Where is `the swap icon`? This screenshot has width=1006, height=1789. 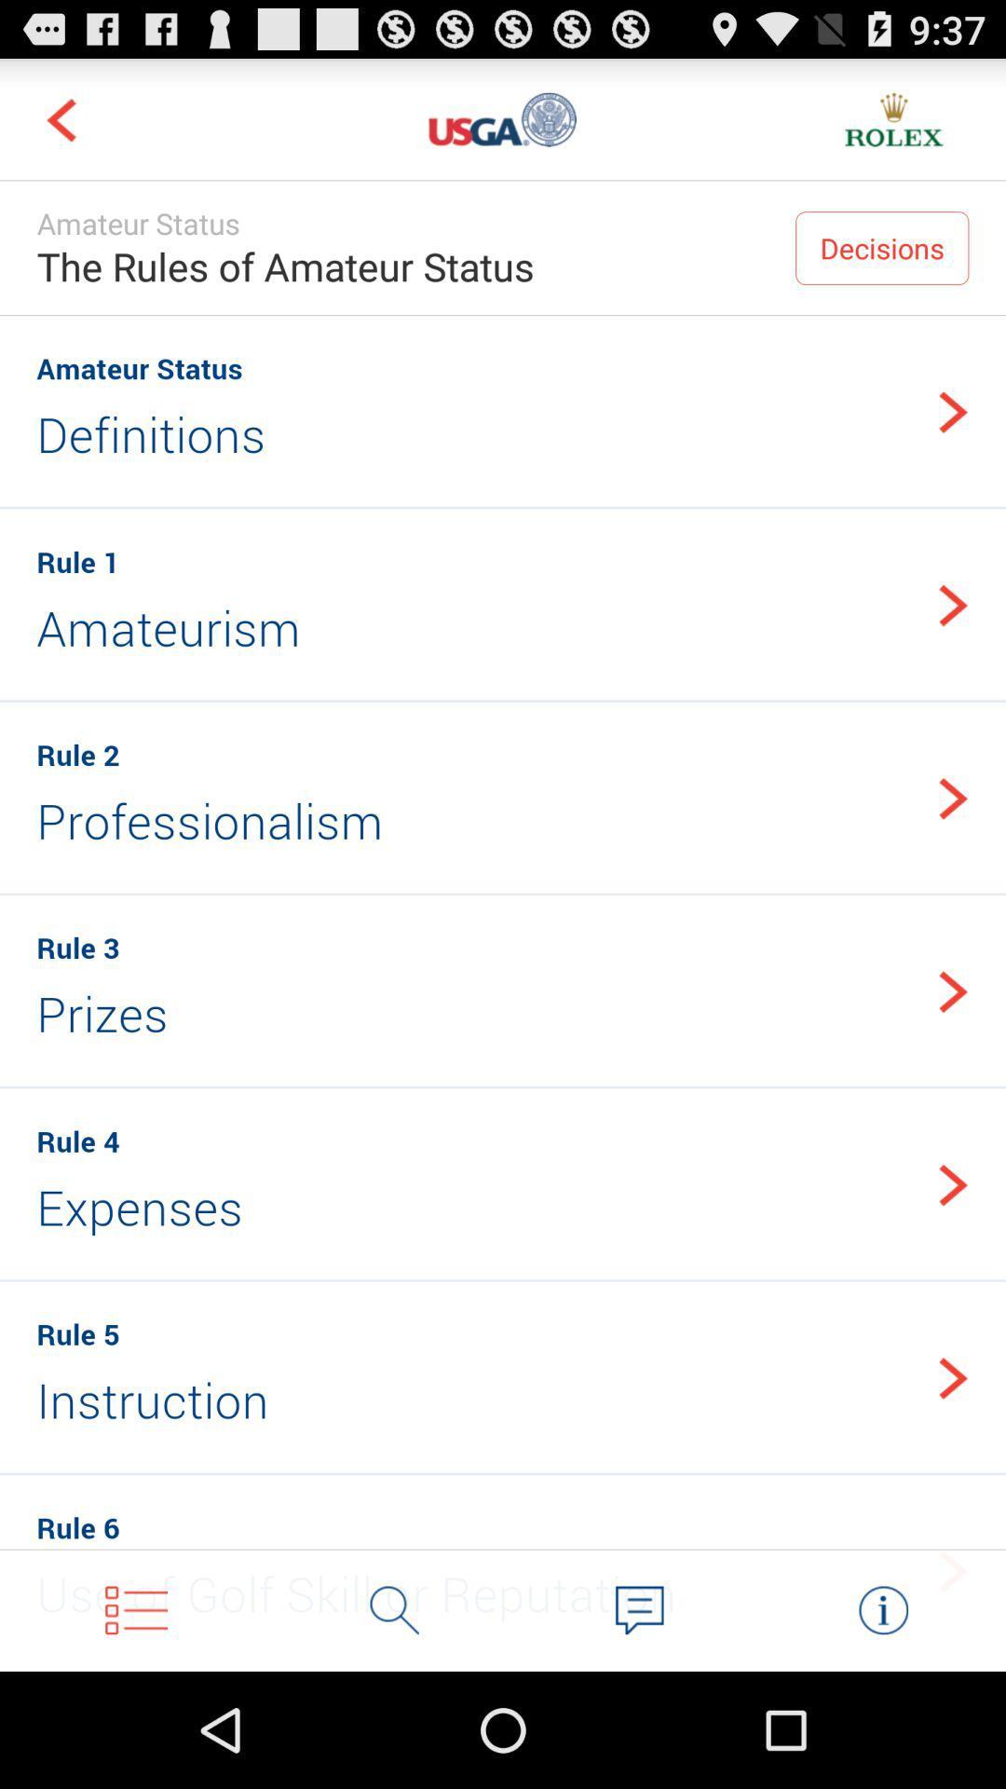 the swap icon is located at coordinates (882, 1722).